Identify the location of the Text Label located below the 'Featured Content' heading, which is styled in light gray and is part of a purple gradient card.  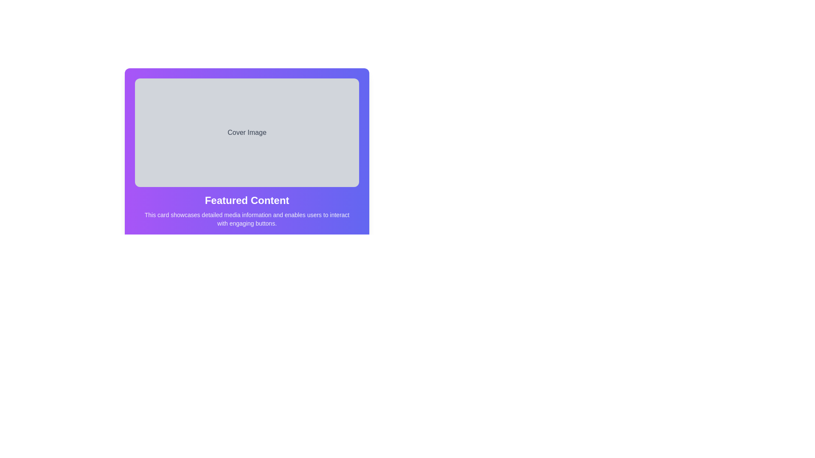
(246, 218).